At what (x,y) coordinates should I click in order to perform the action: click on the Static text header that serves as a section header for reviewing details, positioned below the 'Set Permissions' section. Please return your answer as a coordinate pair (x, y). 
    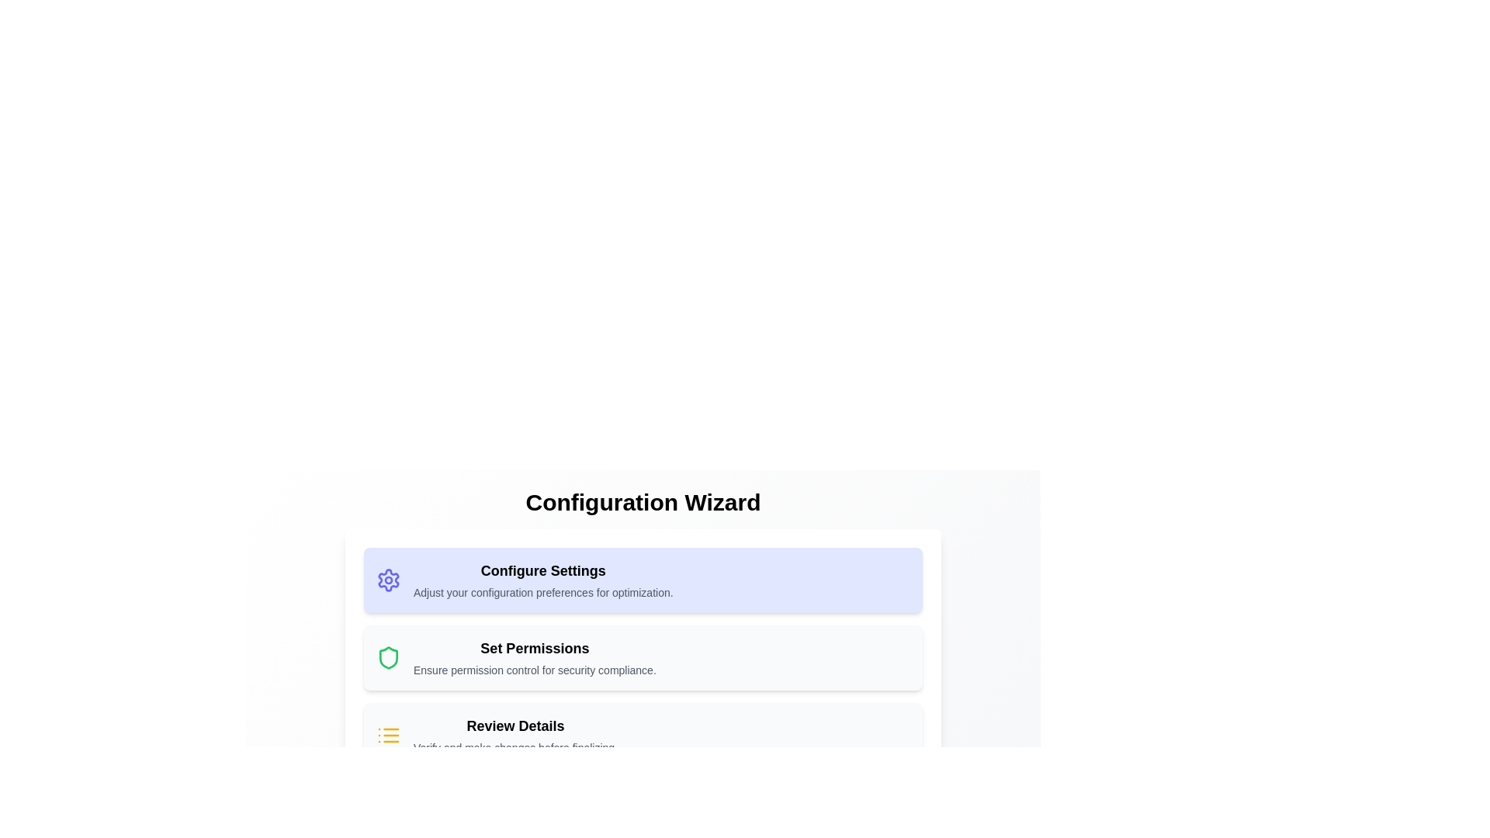
    Looking at the image, I should click on (515, 726).